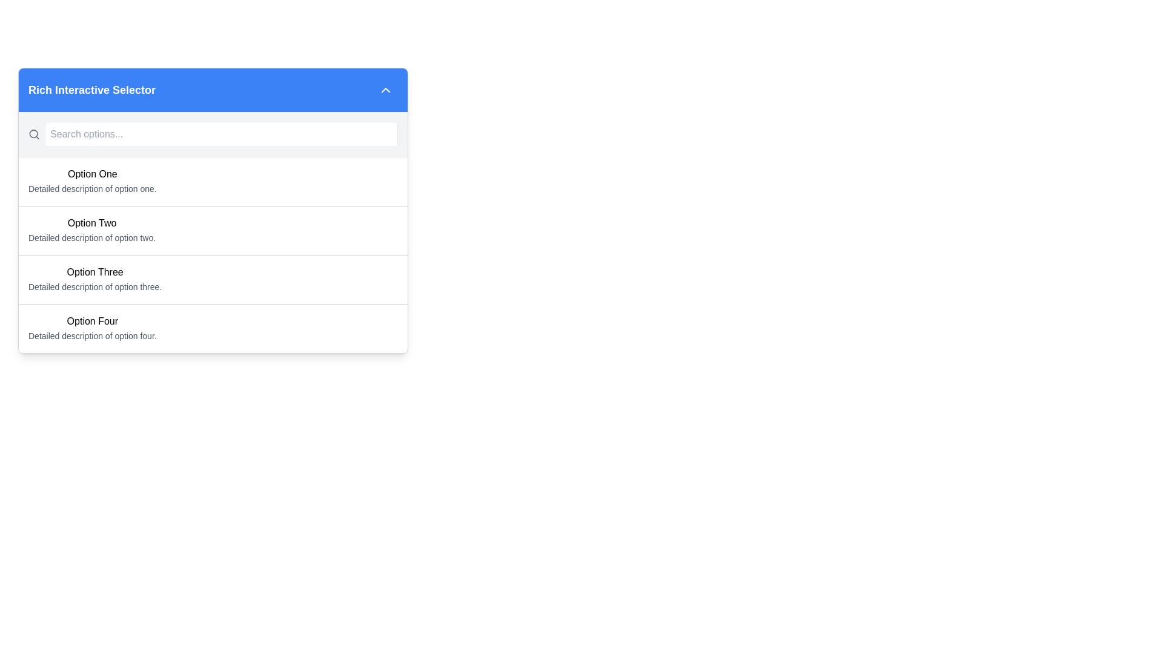 This screenshot has height=654, width=1163. What do you see at coordinates (91, 321) in the screenshot?
I see `the text label indicating the fourth option in the vertical list, which is located below 'Option Three' and above the description 'Detailed description of option four.'` at bounding box center [91, 321].